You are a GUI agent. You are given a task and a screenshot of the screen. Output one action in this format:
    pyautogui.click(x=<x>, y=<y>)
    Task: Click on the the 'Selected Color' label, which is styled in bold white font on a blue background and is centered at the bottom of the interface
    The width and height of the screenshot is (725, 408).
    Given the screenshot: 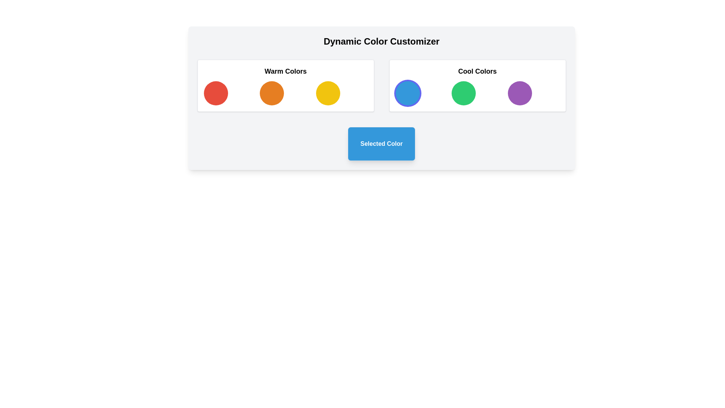 What is the action you would take?
    pyautogui.click(x=381, y=144)
    